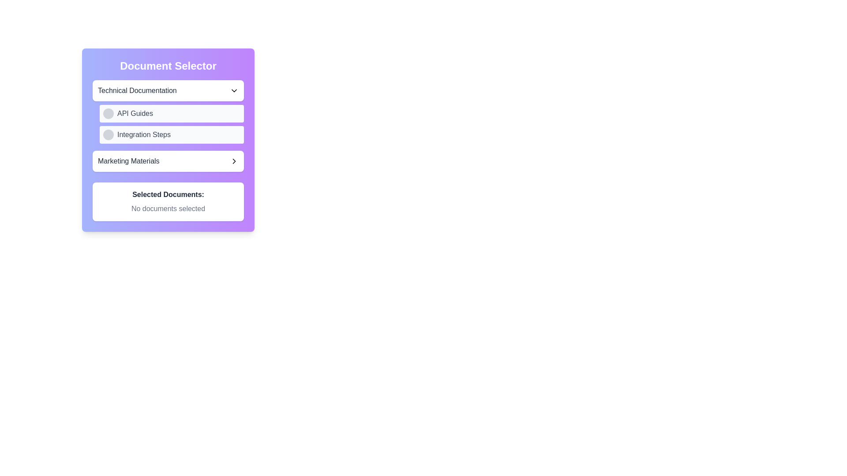 The height and width of the screenshot is (476, 847). What do you see at coordinates (172, 134) in the screenshot?
I see `the second option in the 'Technical Documentation' dropdown list, which is directly below the 'API Guides' option` at bounding box center [172, 134].